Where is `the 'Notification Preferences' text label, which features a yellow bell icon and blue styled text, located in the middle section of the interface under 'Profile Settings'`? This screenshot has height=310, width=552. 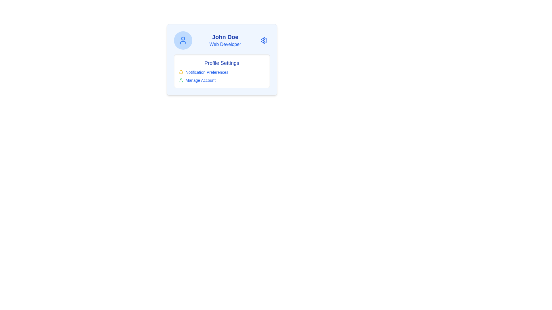 the 'Notification Preferences' text label, which features a yellow bell icon and blue styled text, located in the middle section of the interface under 'Profile Settings' is located at coordinates (221, 72).